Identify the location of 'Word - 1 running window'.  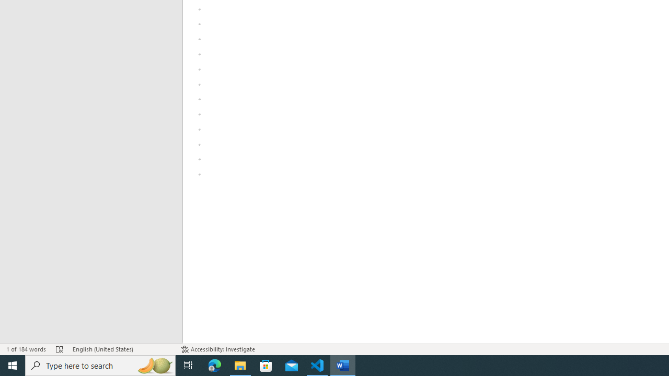
(343, 365).